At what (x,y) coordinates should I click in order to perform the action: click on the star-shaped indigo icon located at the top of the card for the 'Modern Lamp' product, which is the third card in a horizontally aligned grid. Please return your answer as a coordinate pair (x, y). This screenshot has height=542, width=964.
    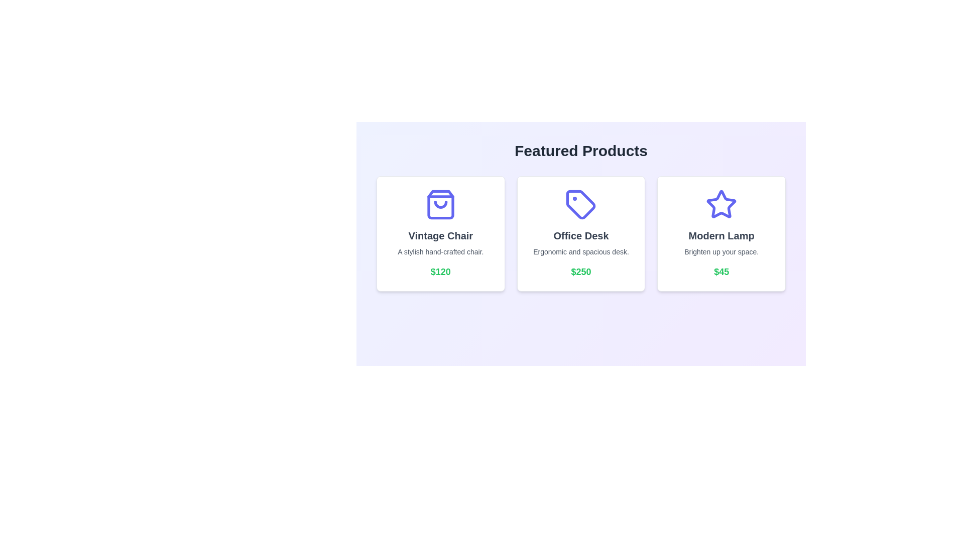
    Looking at the image, I should click on (721, 204).